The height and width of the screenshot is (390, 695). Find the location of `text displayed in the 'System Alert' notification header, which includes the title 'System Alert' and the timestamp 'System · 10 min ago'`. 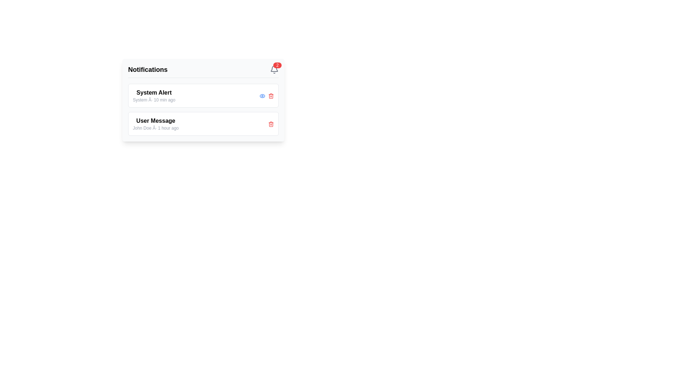

text displayed in the 'System Alert' notification header, which includes the title 'System Alert' and the timestamp 'System · 10 min ago' is located at coordinates (153, 95).